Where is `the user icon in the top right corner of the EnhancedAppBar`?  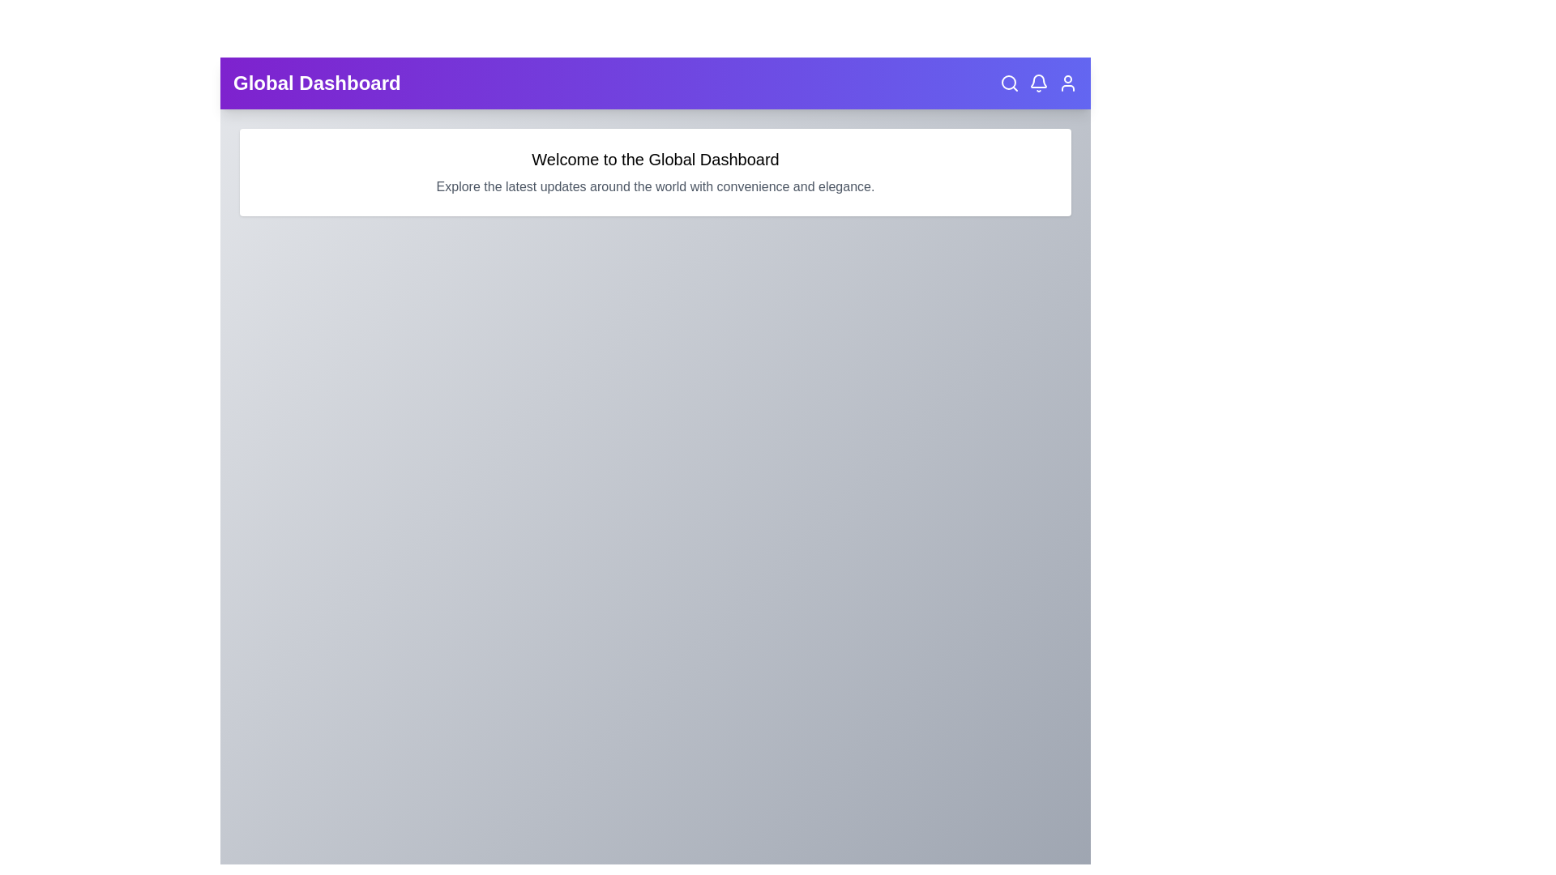 the user icon in the top right corner of the EnhancedAppBar is located at coordinates (1068, 83).